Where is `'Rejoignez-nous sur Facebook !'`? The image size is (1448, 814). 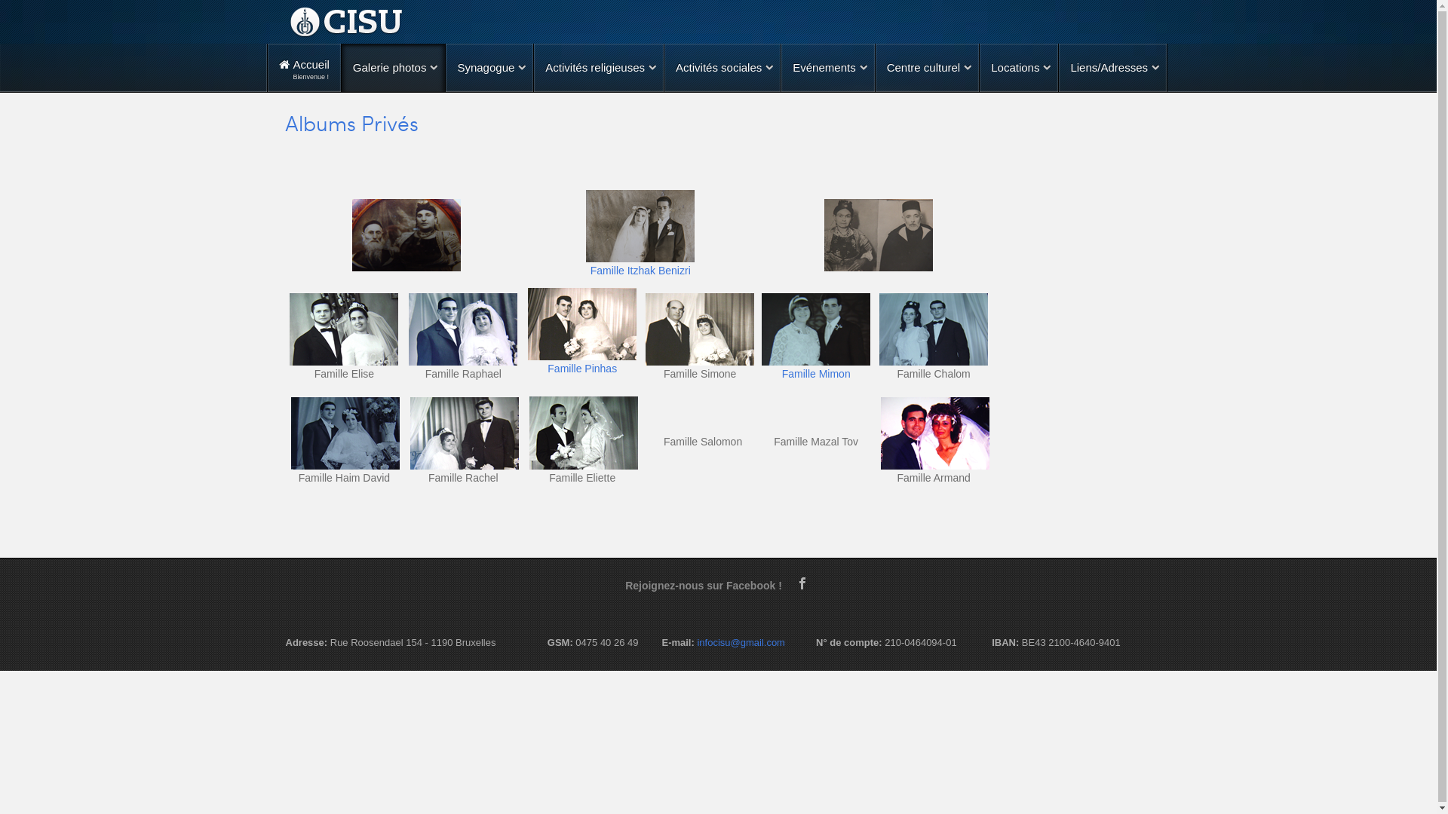 'Rejoignez-nous sur Facebook !' is located at coordinates (708, 584).